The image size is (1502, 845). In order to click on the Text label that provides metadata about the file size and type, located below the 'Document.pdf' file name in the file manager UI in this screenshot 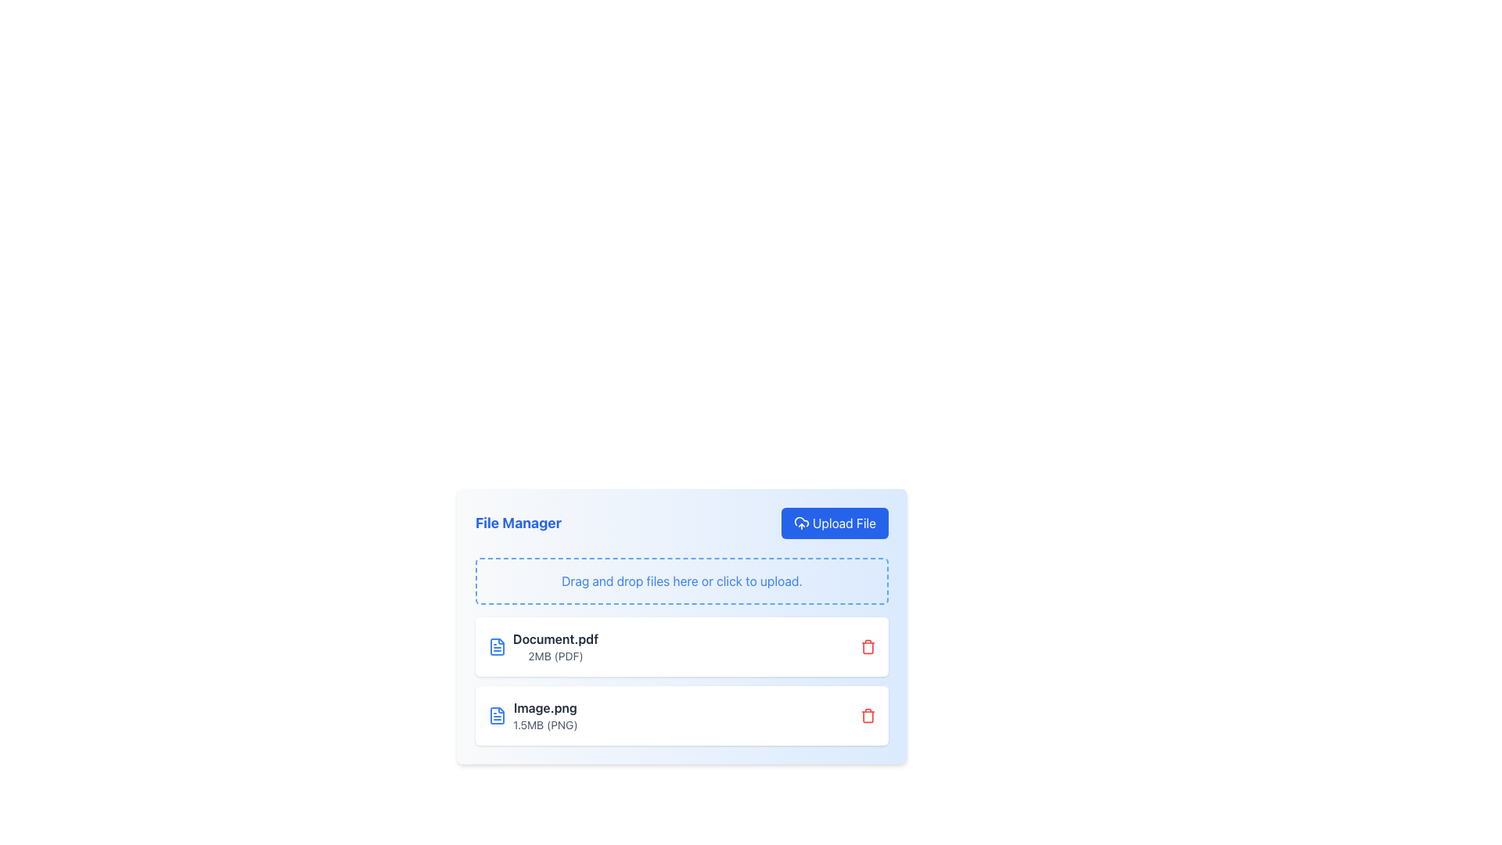, I will do `click(555, 656)`.